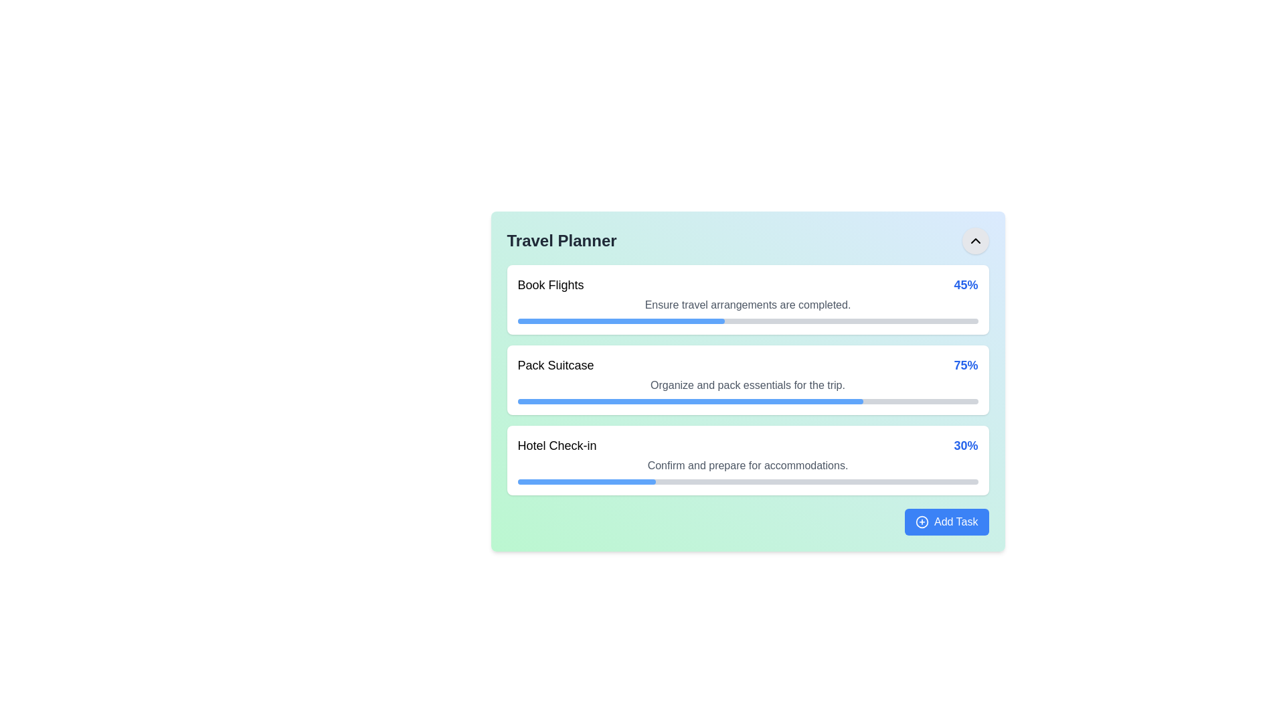 The image size is (1285, 723). I want to click on the circular icon within the 'Add Task' button, which has a blue background and white text, located at the bottom-right corner of the interface, so click(921, 521).